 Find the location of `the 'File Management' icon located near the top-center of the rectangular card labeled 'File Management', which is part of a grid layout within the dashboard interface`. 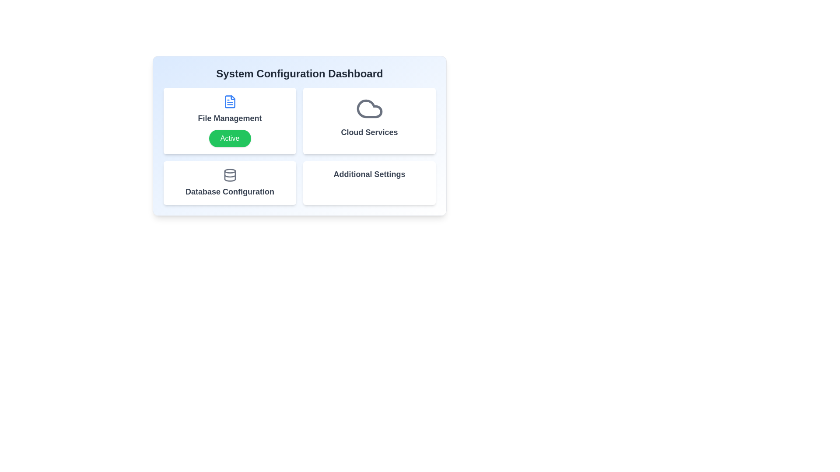

the 'File Management' icon located near the top-center of the rectangular card labeled 'File Management', which is part of a grid layout within the dashboard interface is located at coordinates (230, 101).